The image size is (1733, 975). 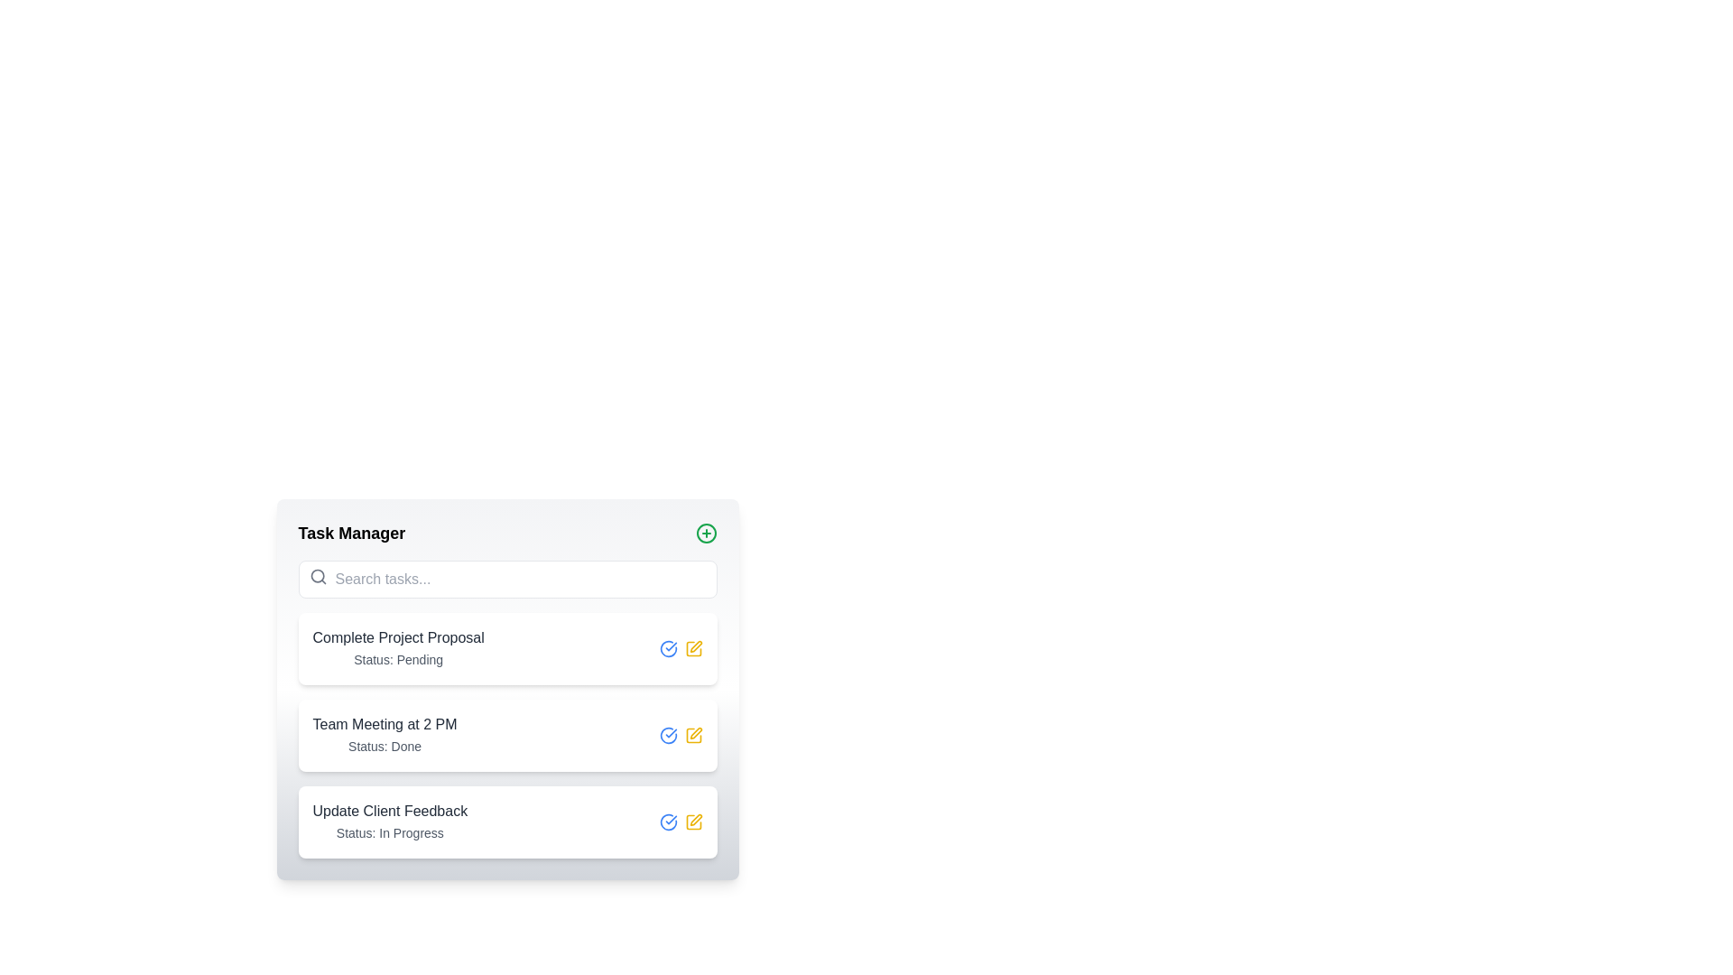 What do you see at coordinates (680, 822) in the screenshot?
I see `the pencil icon in the button group located on the far-right side of the row labeled 'Update Client Feedback, Status: In Progress' within the task manager interface` at bounding box center [680, 822].